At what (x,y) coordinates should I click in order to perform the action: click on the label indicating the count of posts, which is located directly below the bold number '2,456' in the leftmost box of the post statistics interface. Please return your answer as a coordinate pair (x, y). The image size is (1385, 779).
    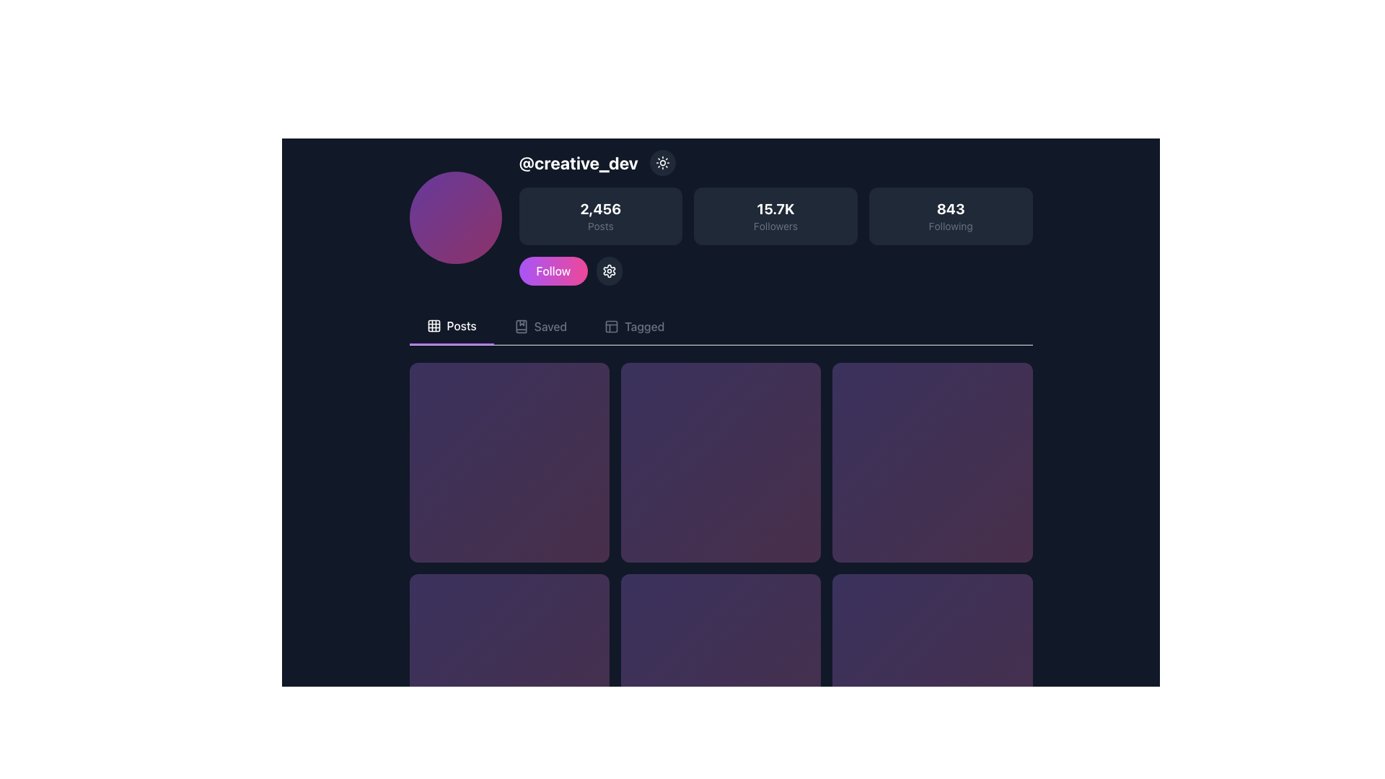
    Looking at the image, I should click on (600, 226).